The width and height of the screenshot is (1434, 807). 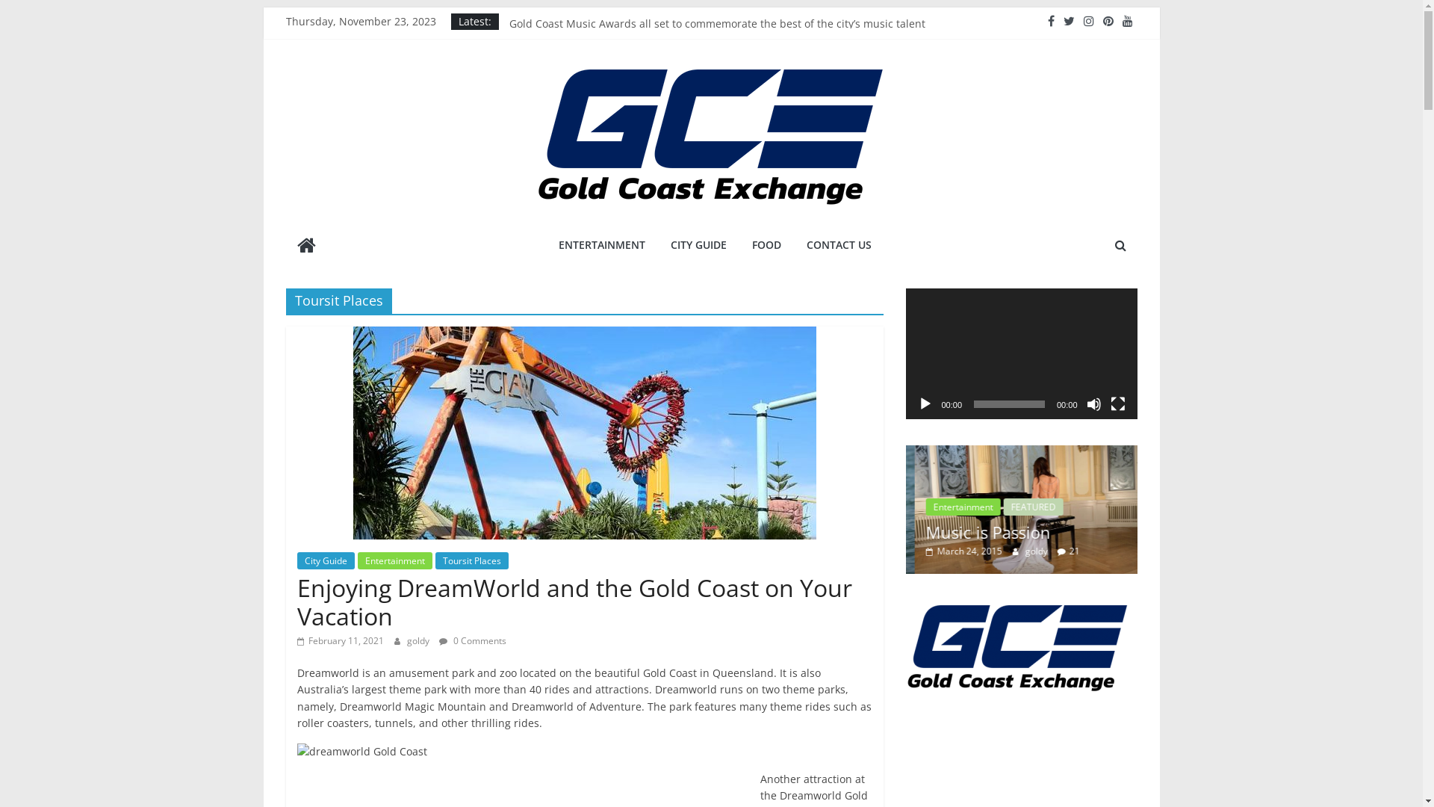 I want to click on 'Play', so click(x=924, y=403).